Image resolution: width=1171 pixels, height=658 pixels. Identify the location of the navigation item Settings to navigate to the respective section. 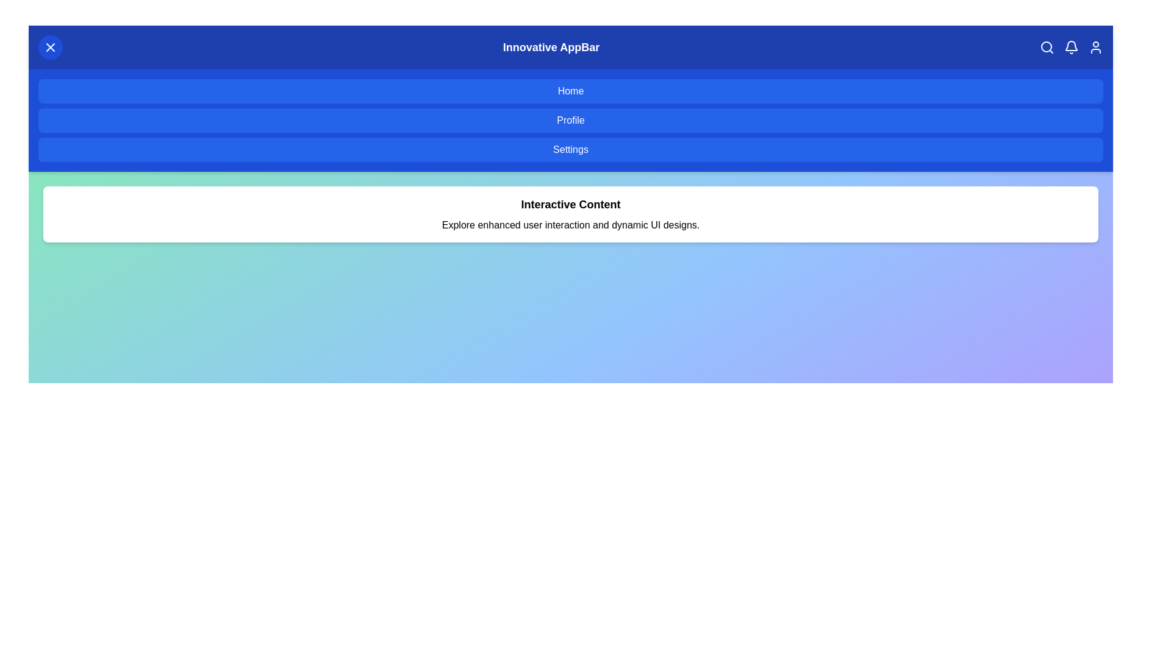
(570, 149).